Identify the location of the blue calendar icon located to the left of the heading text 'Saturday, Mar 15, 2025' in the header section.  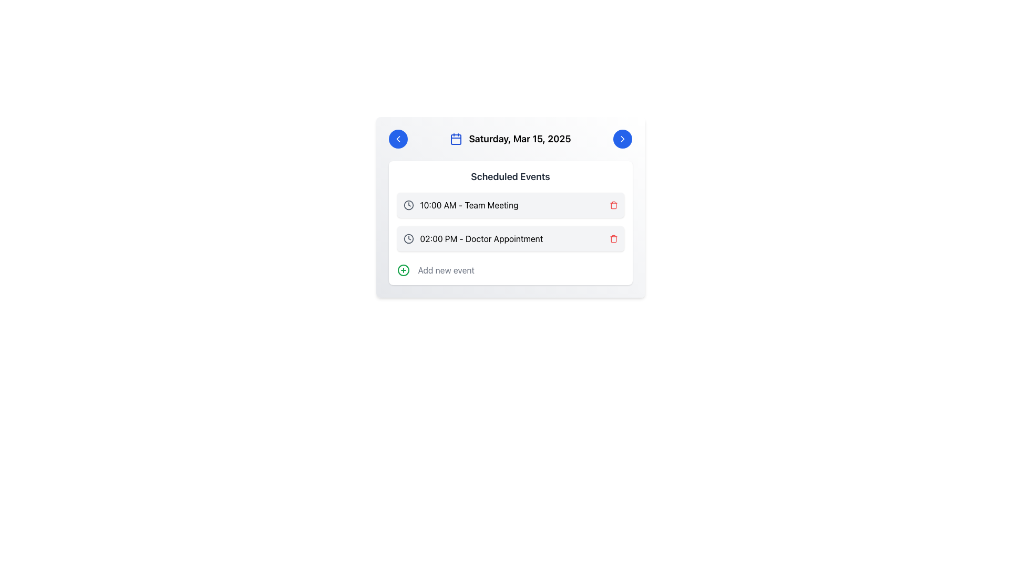
(456, 139).